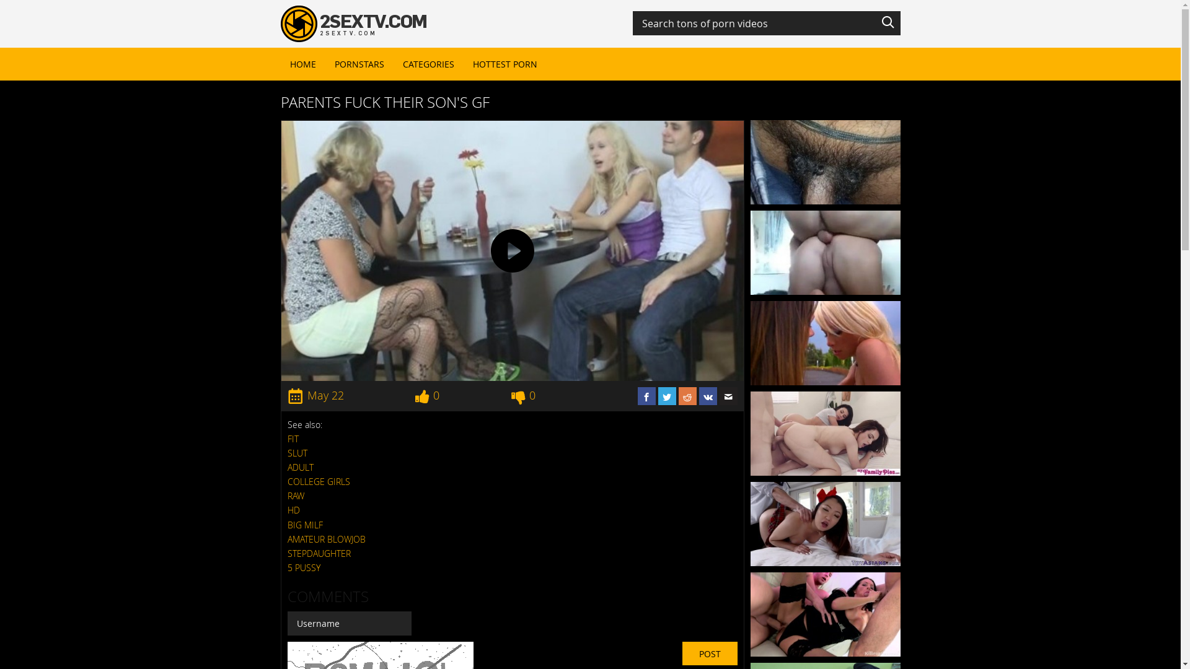 The width and height of the screenshot is (1190, 669). Describe the element at coordinates (505, 64) in the screenshot. I see `'HOTTEST PORN'` at that location.